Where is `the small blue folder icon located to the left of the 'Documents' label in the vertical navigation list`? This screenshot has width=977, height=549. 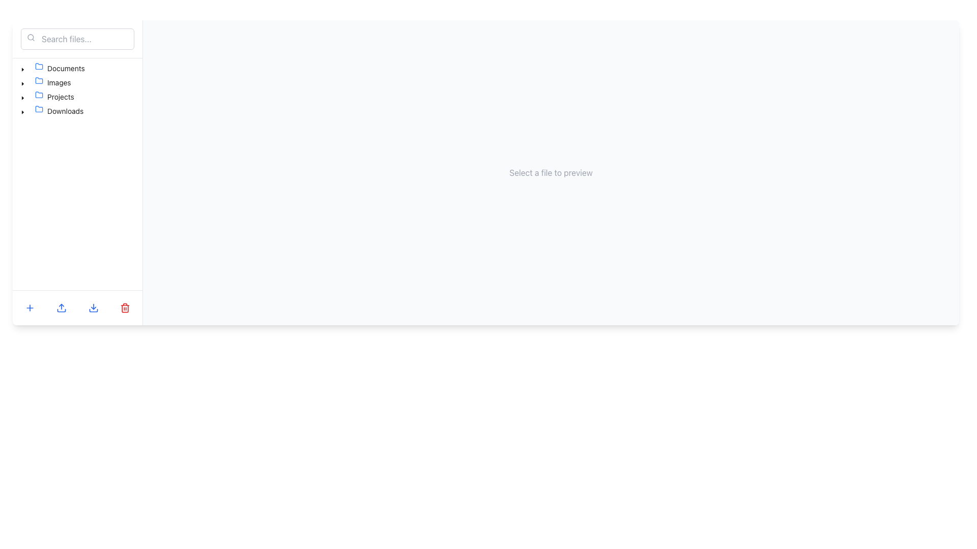 the small blue folder icon located to the left of the 'Documents' label in the vertical navigation list is located at coordinates (39, 67).